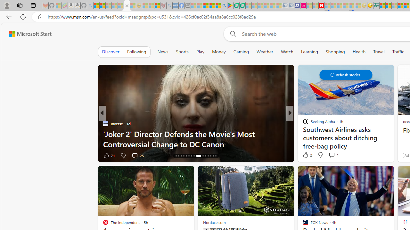 Image resolution: width=410 pixels, height=230 pixels. I want to click on 'View comments 7 Comment', so click(333, 155).